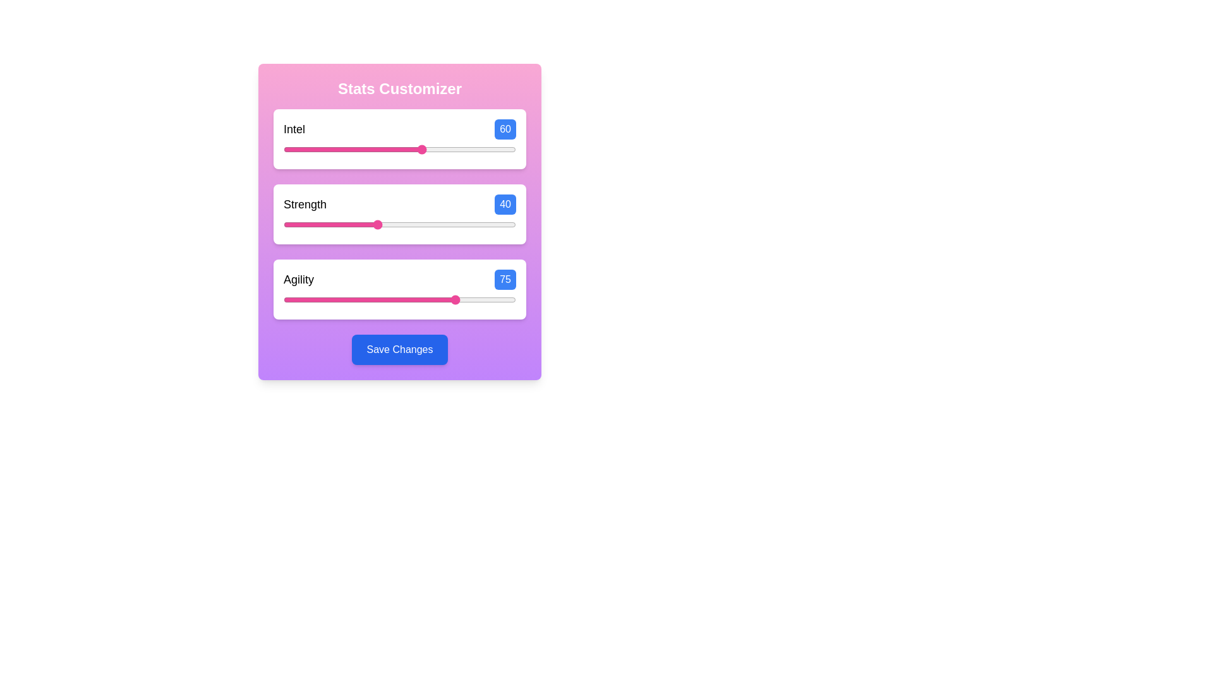 Image resolution: width=1213 pixels, height=682 pixels. I want to click on the Strength slider, so click(323, 224).